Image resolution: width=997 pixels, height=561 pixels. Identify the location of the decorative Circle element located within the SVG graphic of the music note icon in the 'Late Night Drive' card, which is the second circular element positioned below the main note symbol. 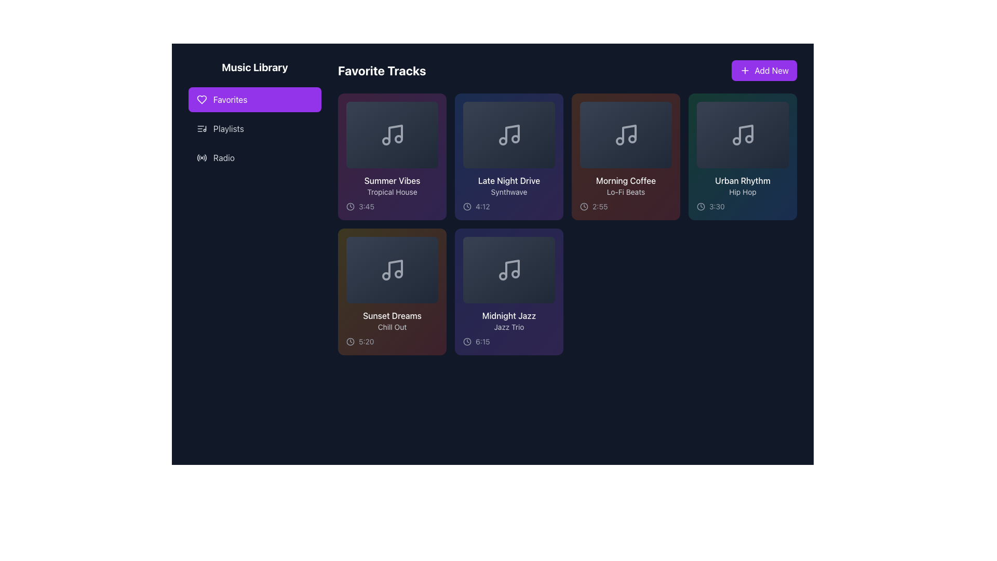
(503, 141).